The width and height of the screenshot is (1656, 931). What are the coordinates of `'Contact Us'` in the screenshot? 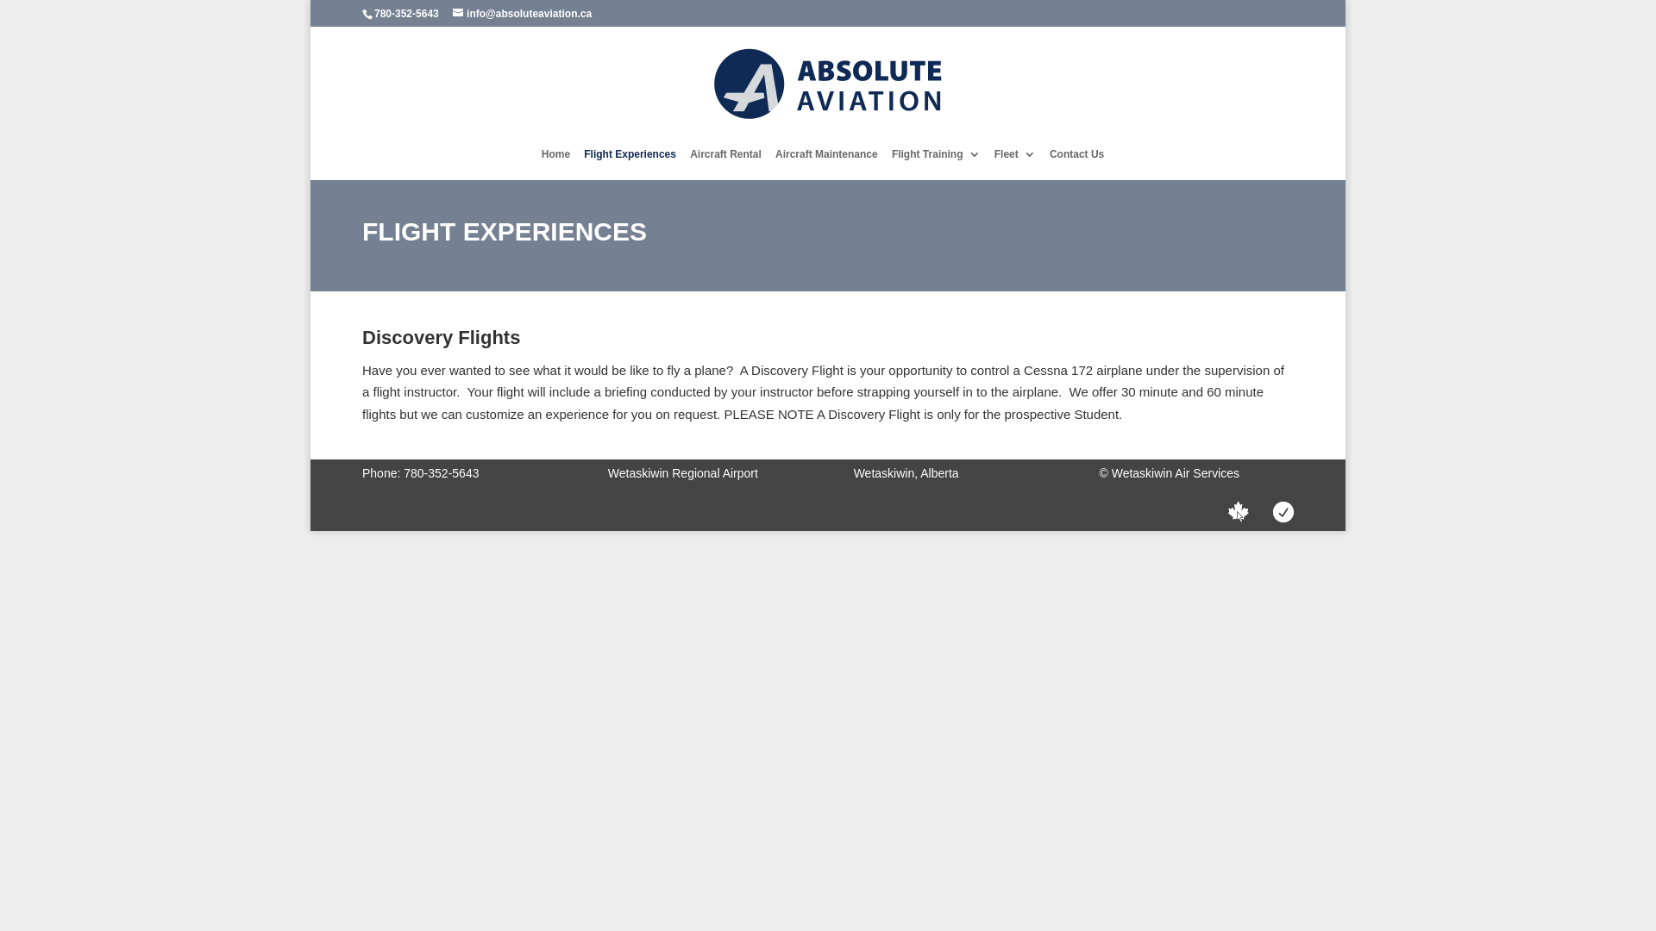 It's located at (1076, 165).